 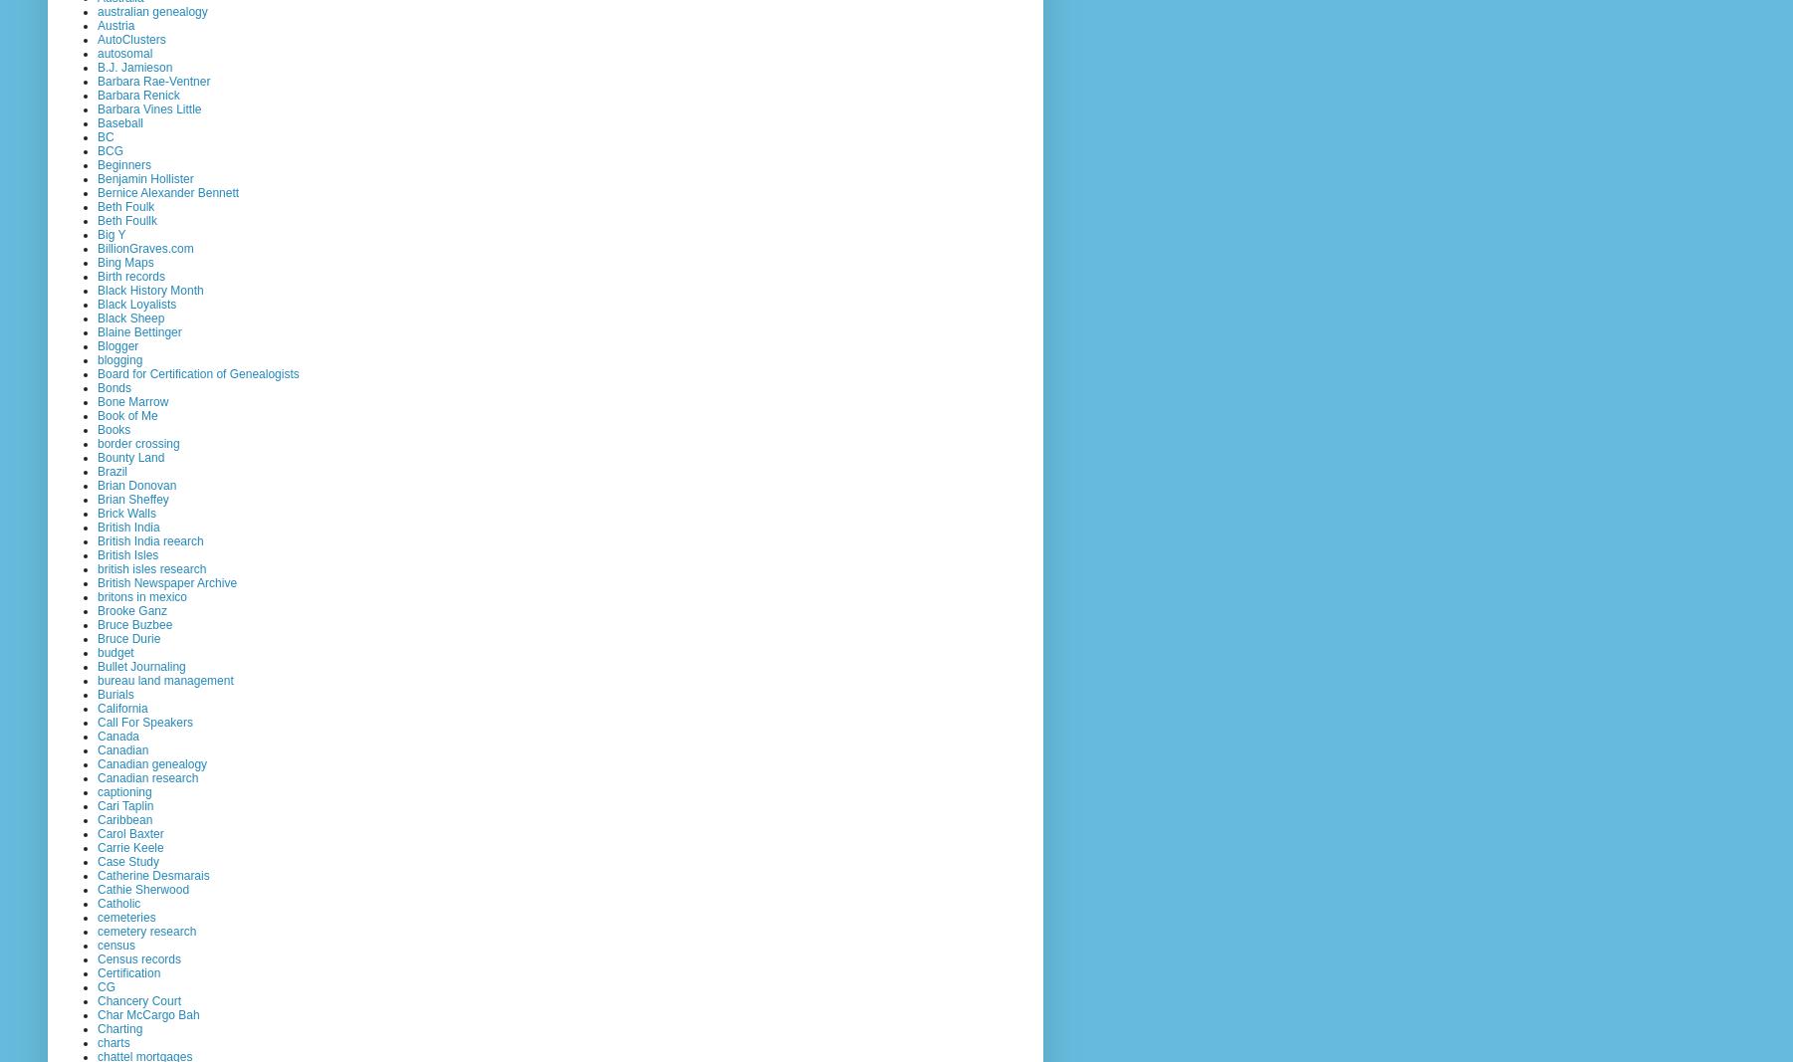 I want to click on 'Brooke Ganz', so click(x=96, y=609).